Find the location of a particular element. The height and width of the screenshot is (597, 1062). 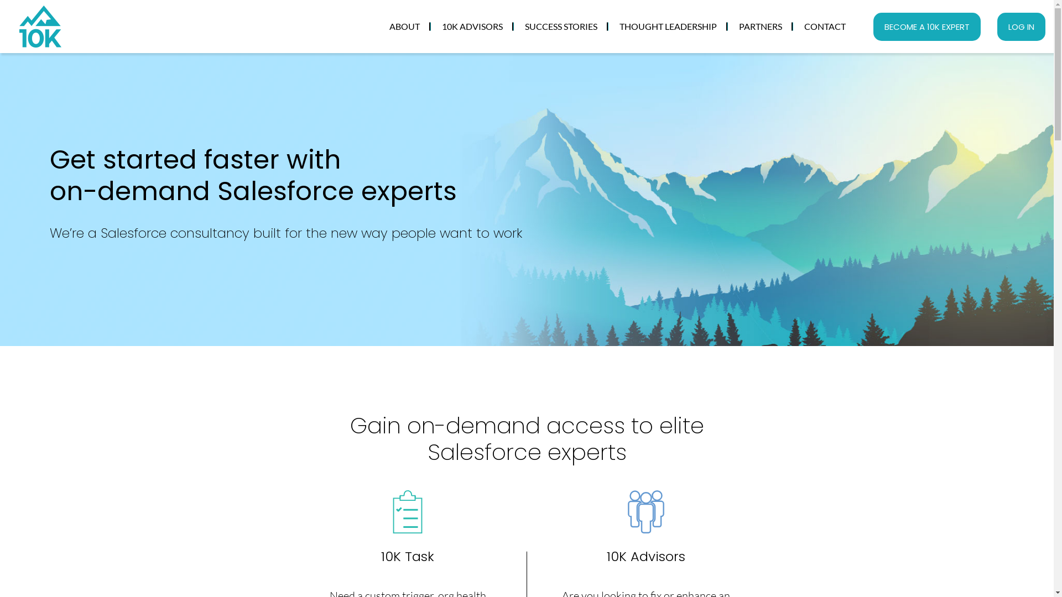

'SUCCESS STORIES' is located at coordinates (561, 25).